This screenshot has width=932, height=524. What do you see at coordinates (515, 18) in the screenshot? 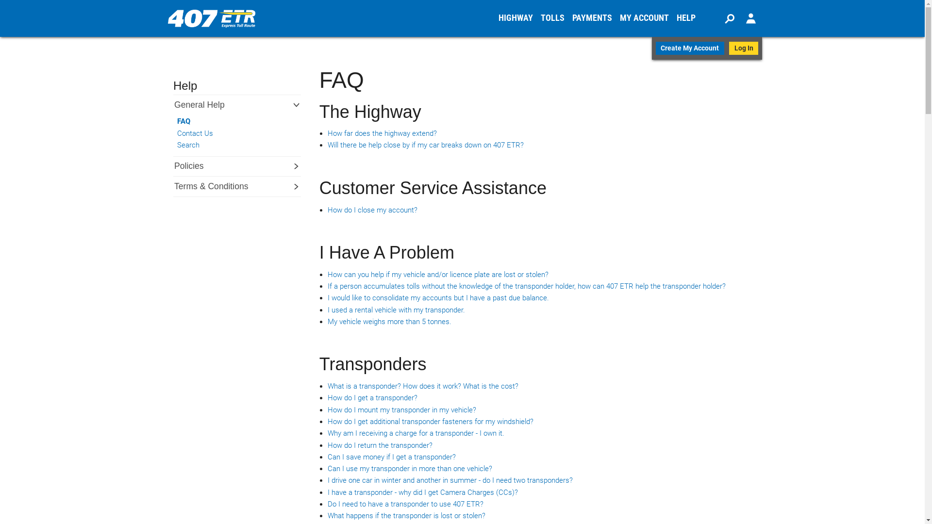
I see `'HIGHWAY'` at bounding box center [515, 18].